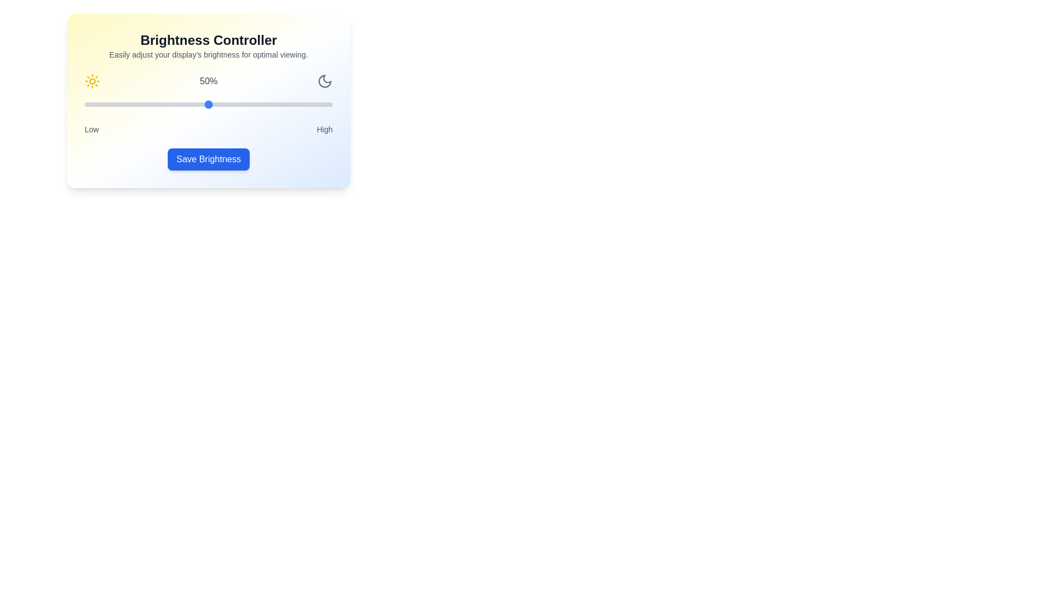 The height and width of the screenshot is (598, 1063). Describe the element at coordinates (114, 105) in the screenshot. I see `the brightness slider to 12%` at that location.